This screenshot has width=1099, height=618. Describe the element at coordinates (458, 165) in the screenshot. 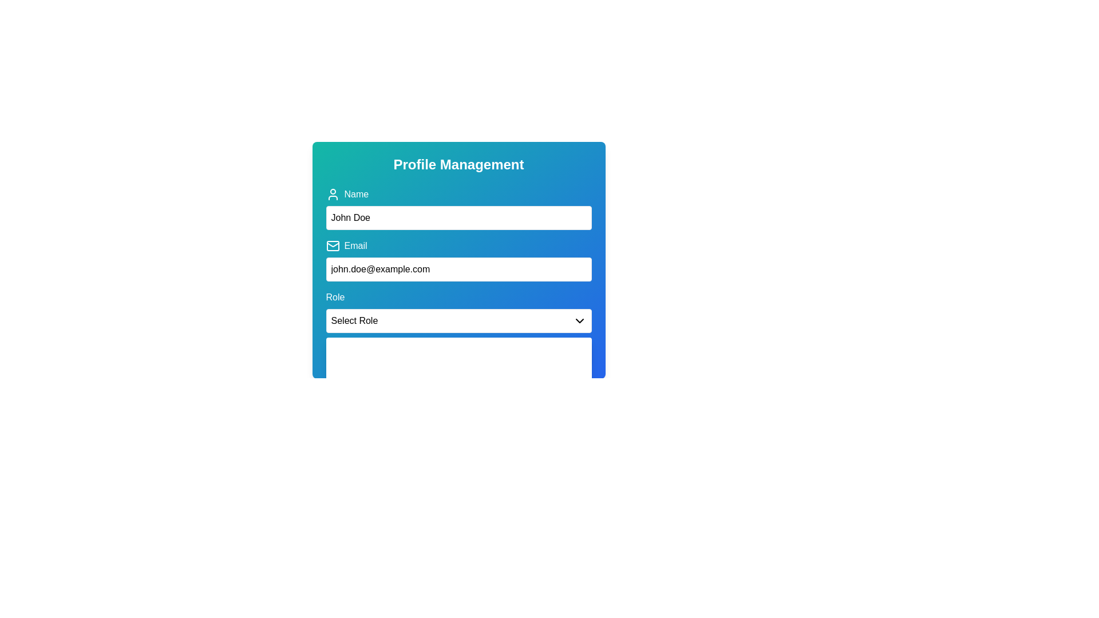

I see `the header label for profile management, which is positioned above the input fields and buttons on a gradient background` at that location.